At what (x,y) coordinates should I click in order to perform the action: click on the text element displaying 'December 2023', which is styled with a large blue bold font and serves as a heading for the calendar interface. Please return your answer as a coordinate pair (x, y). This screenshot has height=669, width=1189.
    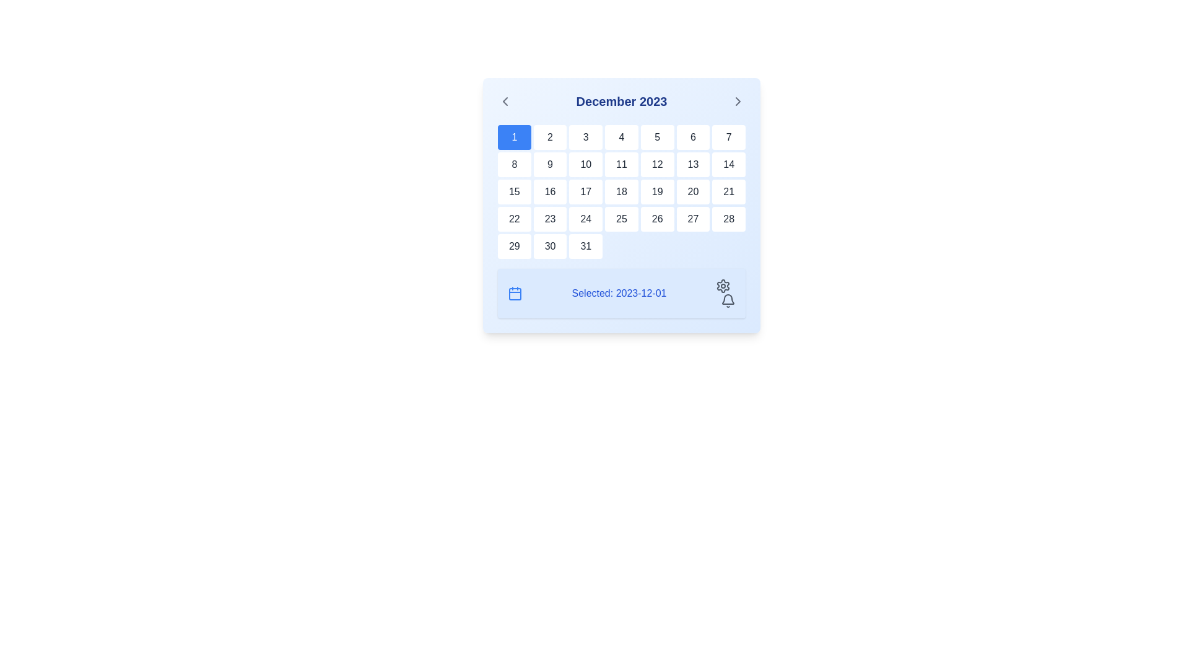
    Looking at the image, I should click on (621, 101).